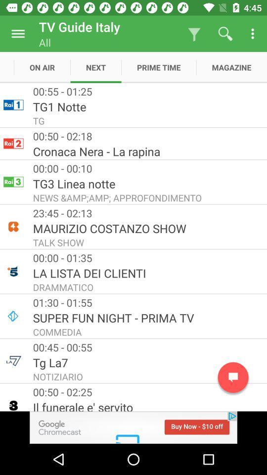 The image size is (267, 475). Describe the element at coordinates (133, 427) in the screenshot. I see `advertisement banner` at that location.